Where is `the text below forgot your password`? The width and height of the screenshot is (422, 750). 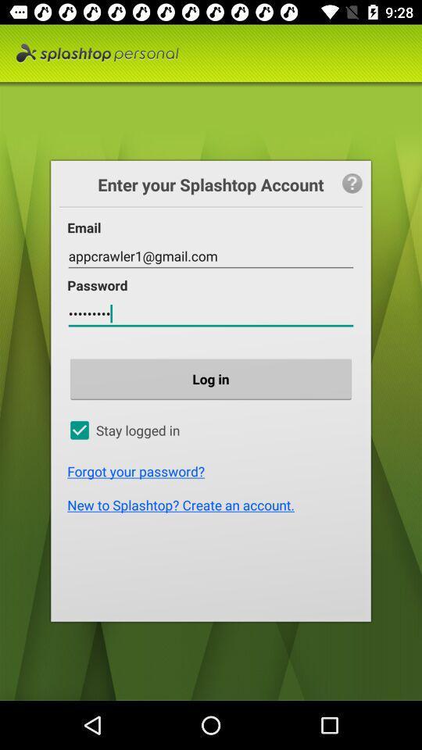
the text below forgot your password is located at coordinates (214, 504).